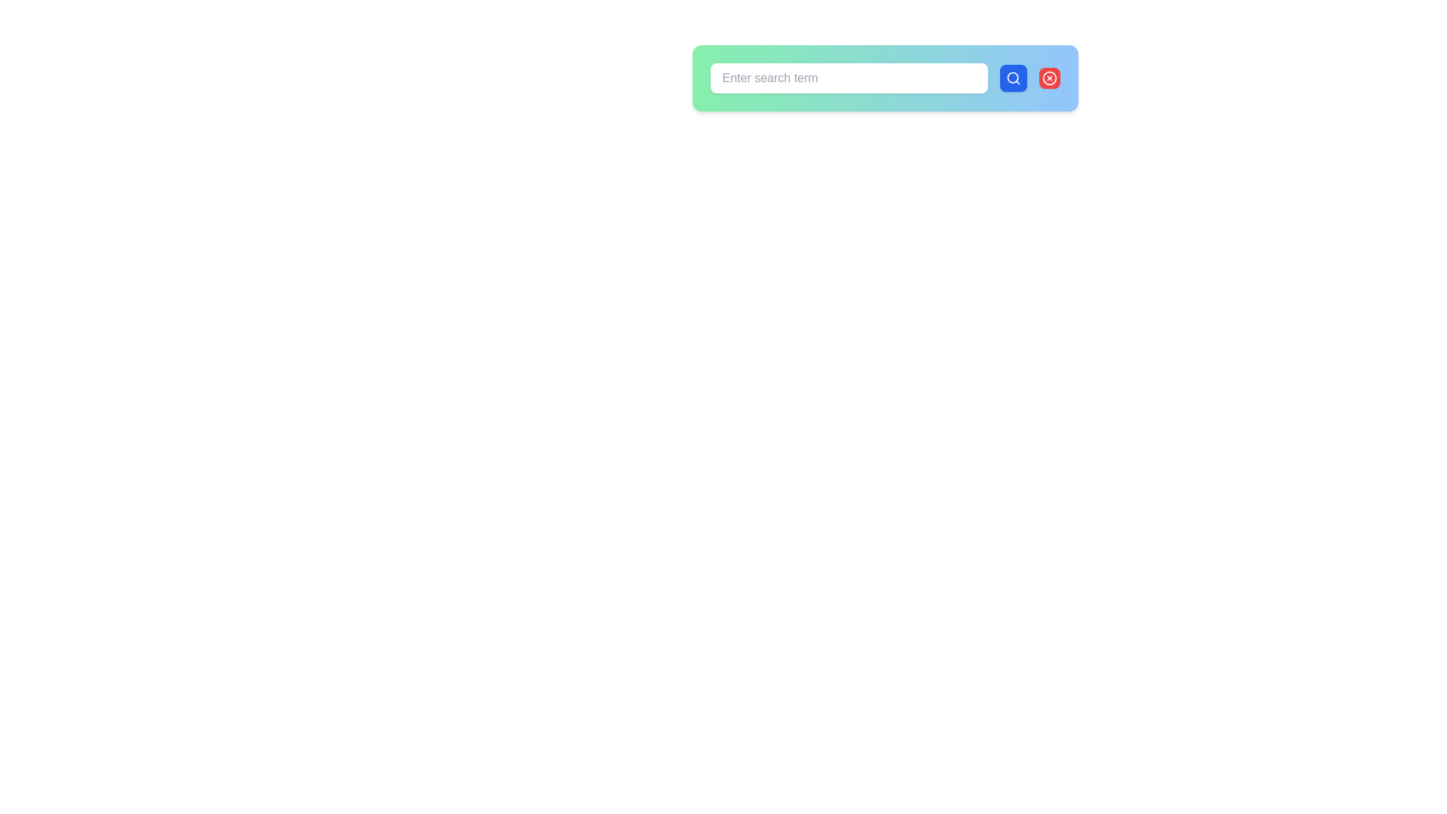  What do you see at coordinates (1048, 78) in the screenshot?
I see `the circular graphical element representing 'close' or 'cancel' functionality located in the toolbar, adjacent to the blue search icon` at bounding box center [1048, 78].